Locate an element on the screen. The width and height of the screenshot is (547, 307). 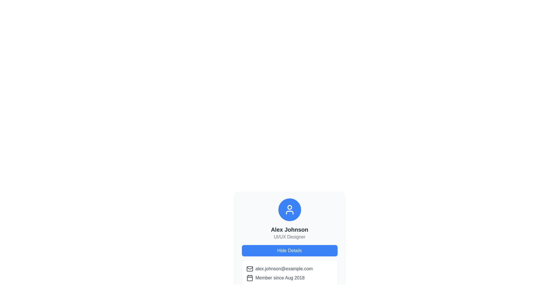
the email or messaging system icon located to the left of the text 'alex.johnson@example.com' within the profile information card is located at coordinates (250, 269).